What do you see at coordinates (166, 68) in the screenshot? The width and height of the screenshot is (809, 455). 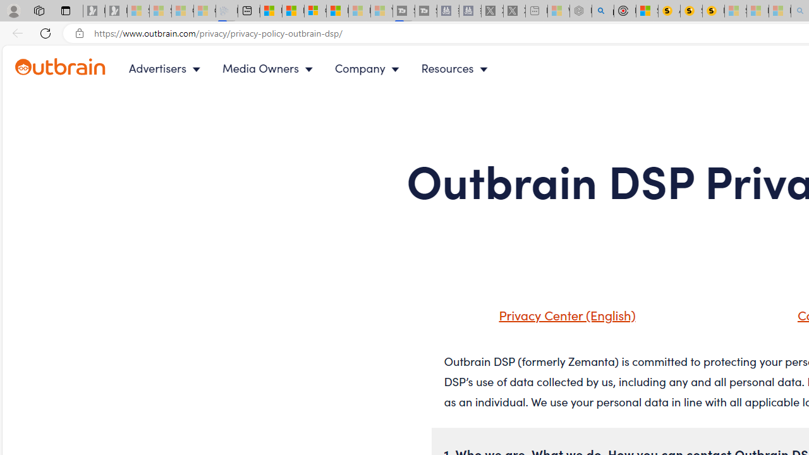 I see `'Advertisers'` at bounding box center [166, 68].